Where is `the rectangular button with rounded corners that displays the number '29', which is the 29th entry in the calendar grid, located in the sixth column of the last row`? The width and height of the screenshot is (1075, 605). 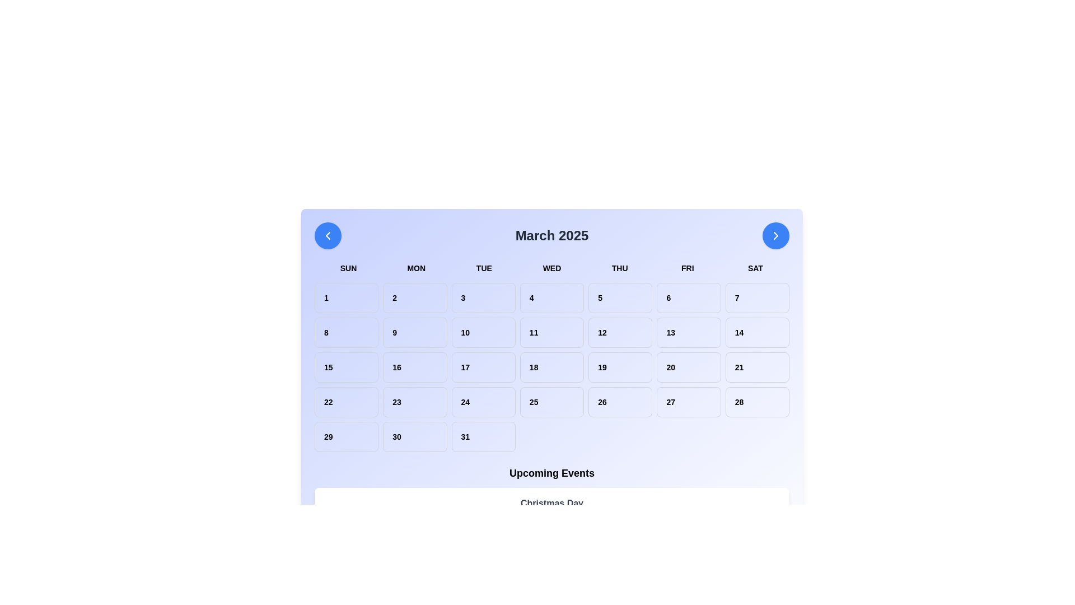 the rectangular button with rounded corners that displays the number '29', which is the 29th entry in the calendar grid, located in the sixth column of the last row is located at coordinates (346, 436).